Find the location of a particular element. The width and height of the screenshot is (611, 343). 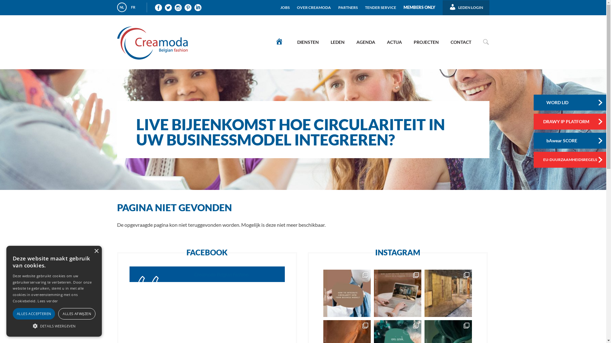

'JOBS' is located at coordinates (284, 5).